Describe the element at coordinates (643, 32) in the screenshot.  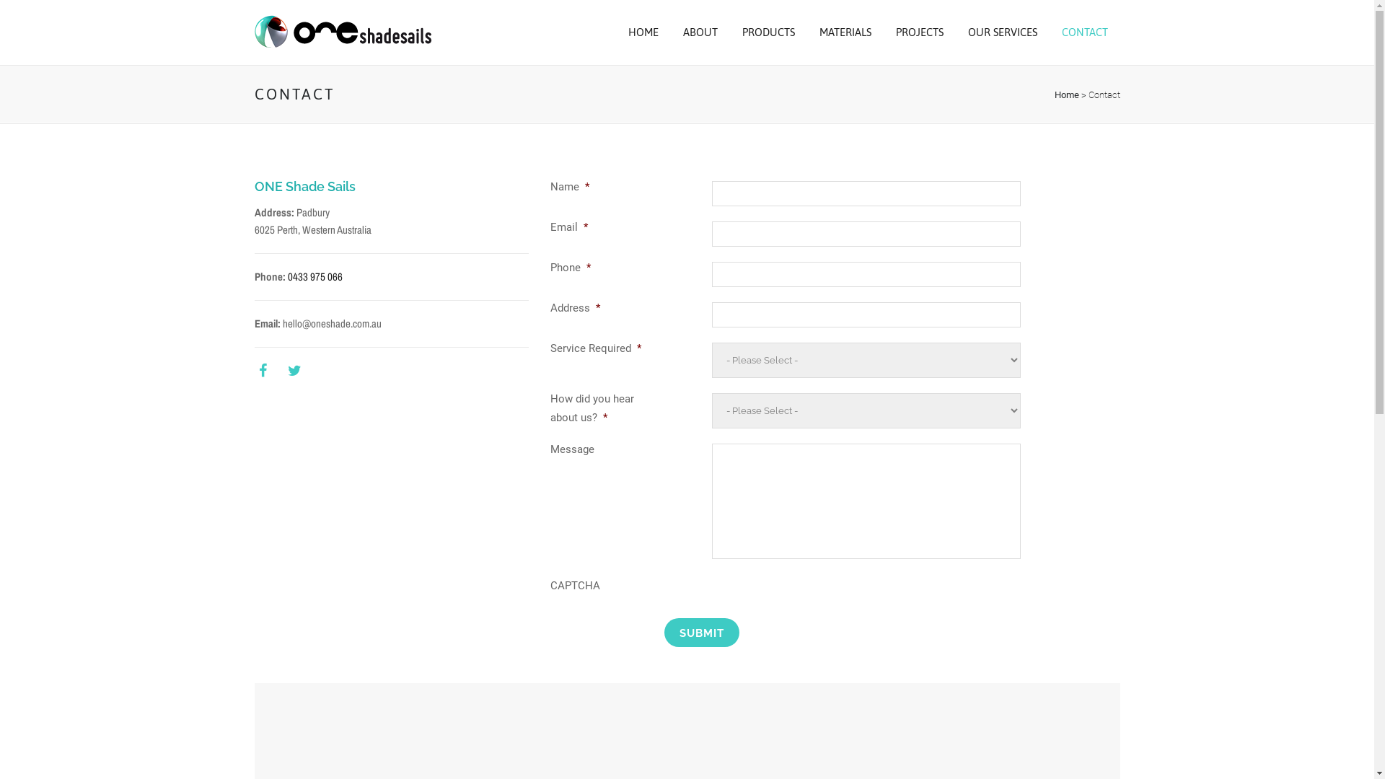
I see `'HOME'` at that location.